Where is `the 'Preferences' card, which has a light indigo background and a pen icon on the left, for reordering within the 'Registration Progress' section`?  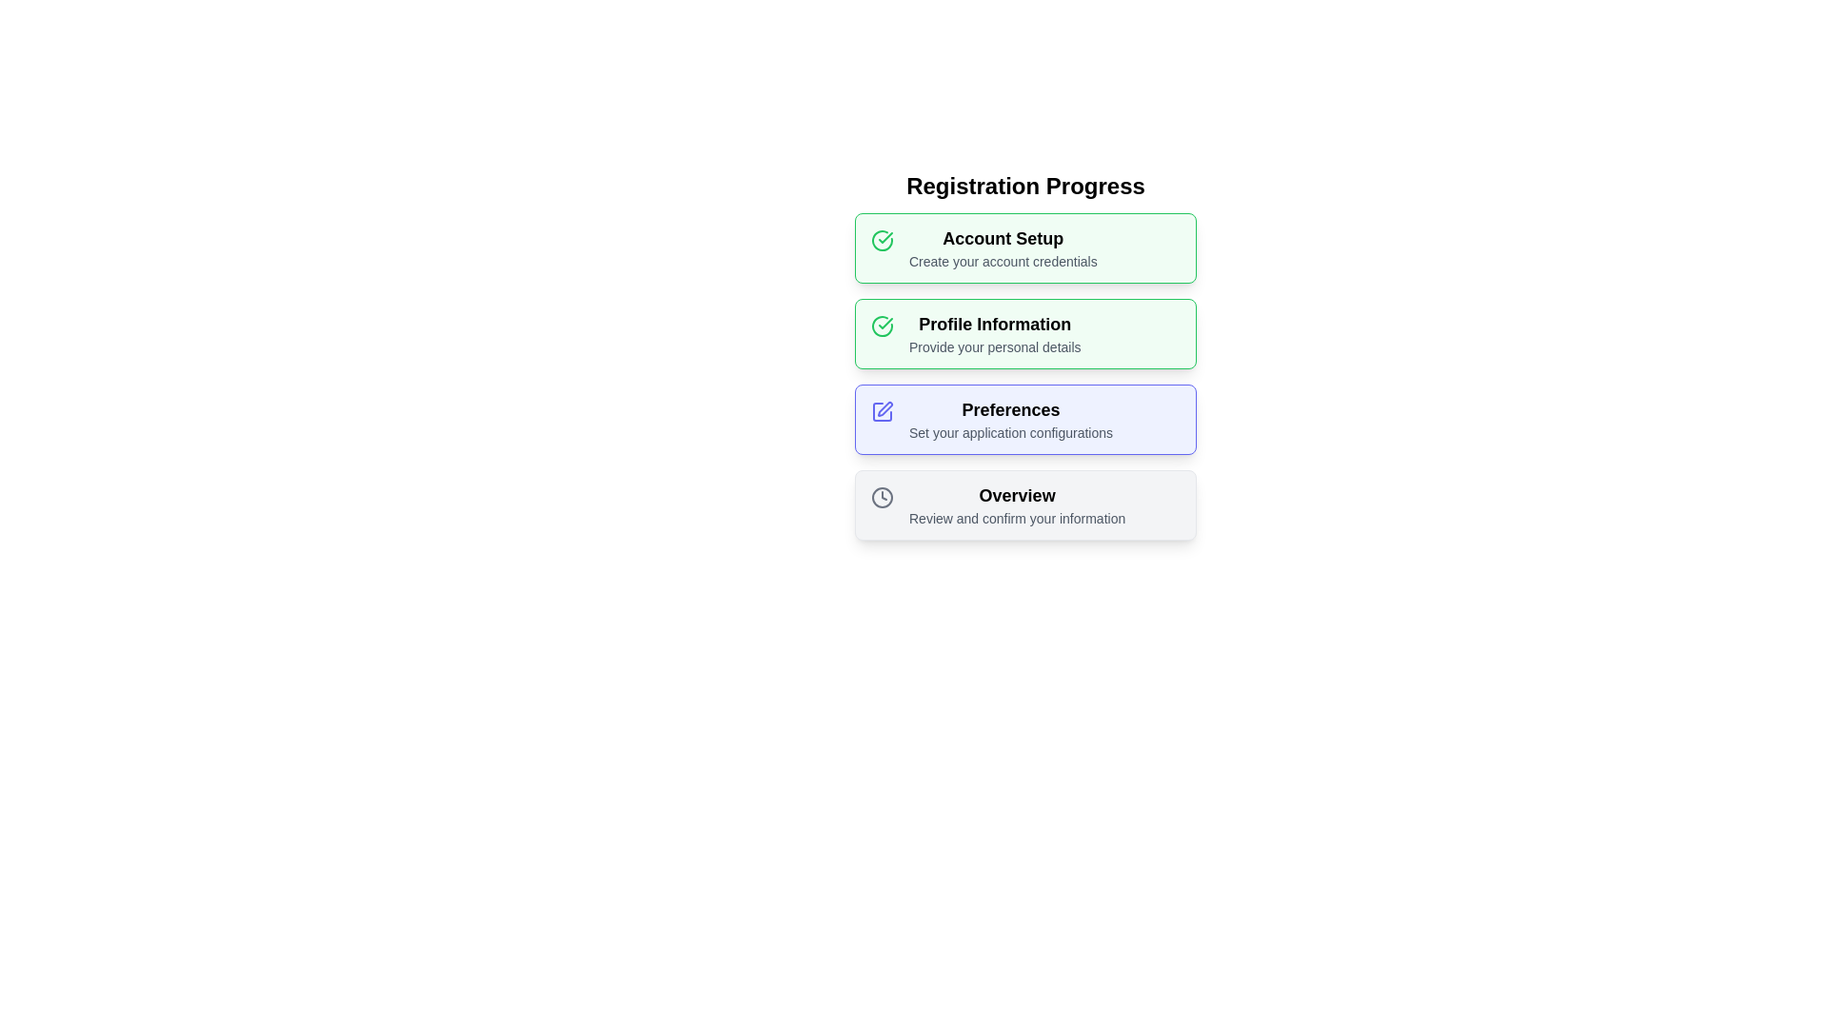 the 'Preferences' card, which has a light indigo background and a pen icon on the left, for reordering within the 'Registration Progress' section is located at coordinates (1024, 418).